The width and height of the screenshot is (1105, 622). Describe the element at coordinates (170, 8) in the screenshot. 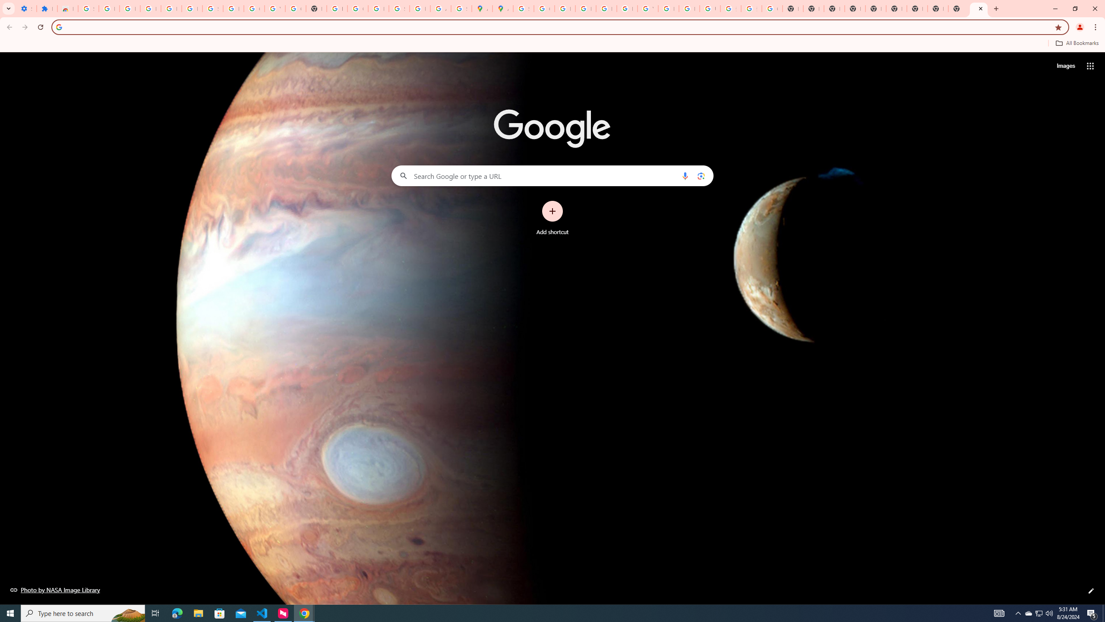

I see `'Learn how to find your photos - Google Photos Help'` at that location.